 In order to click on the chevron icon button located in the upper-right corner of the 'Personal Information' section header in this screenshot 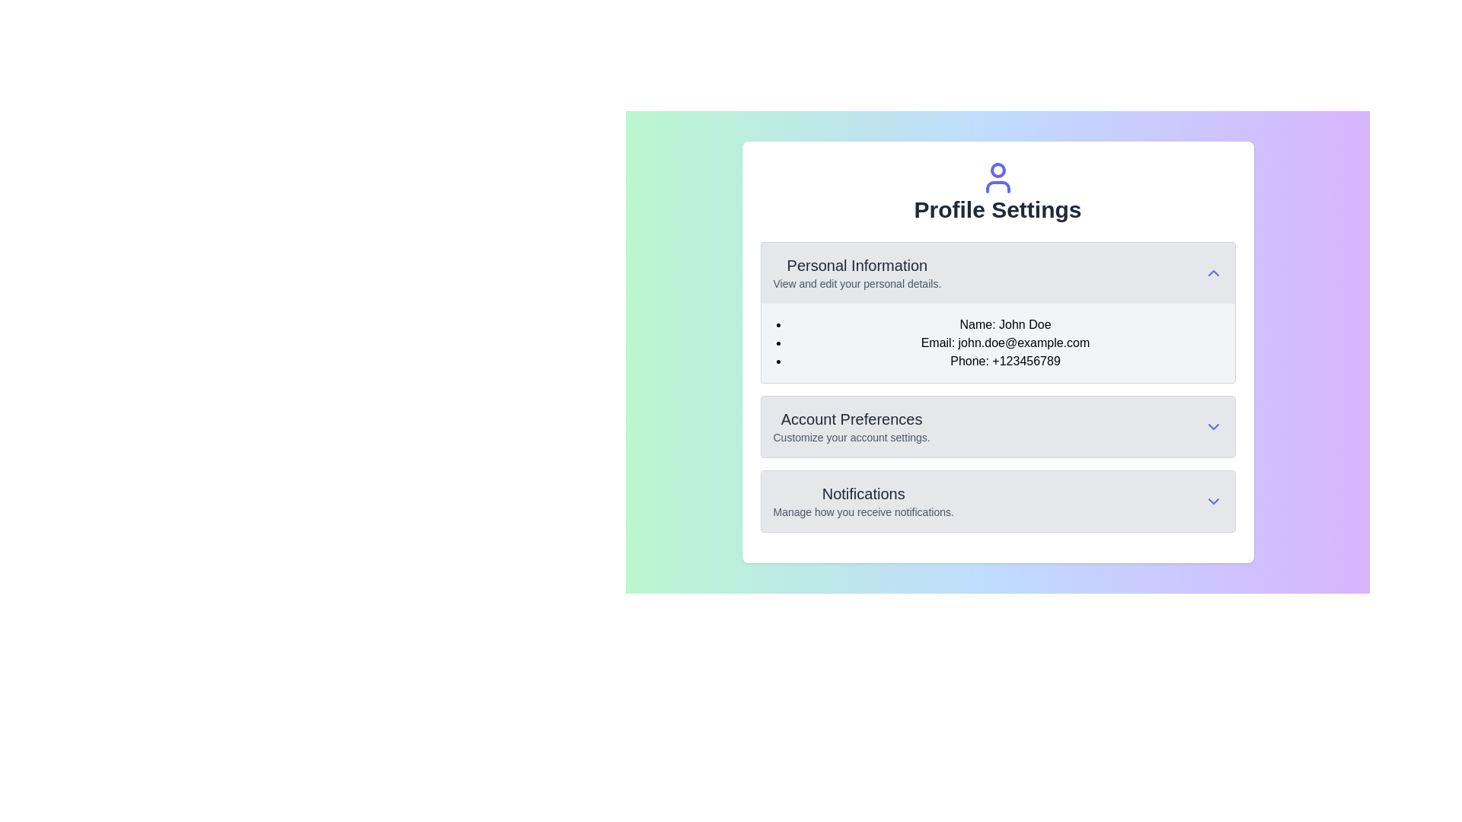, I will do `click(1212, 272)`.